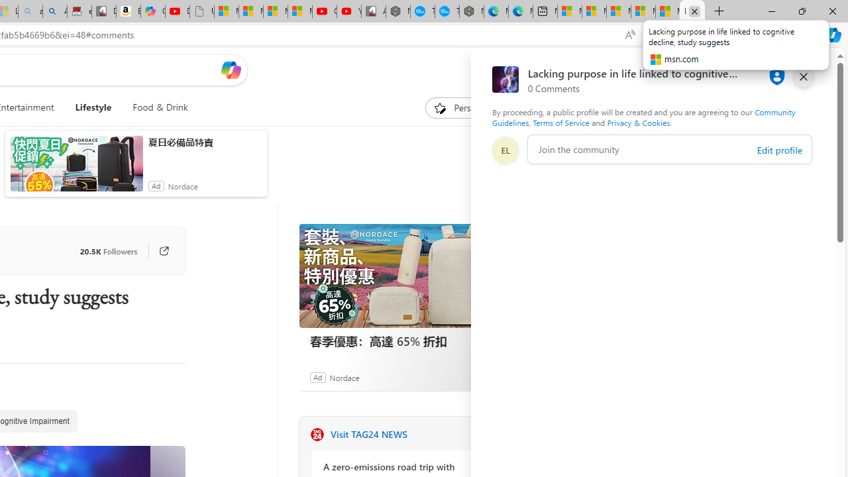 This screenshot has width=848, height=477. What do you see at coordinates (201, 11) in the screenshot?
I see `'Untitled'` at bounding box center [201, 11].